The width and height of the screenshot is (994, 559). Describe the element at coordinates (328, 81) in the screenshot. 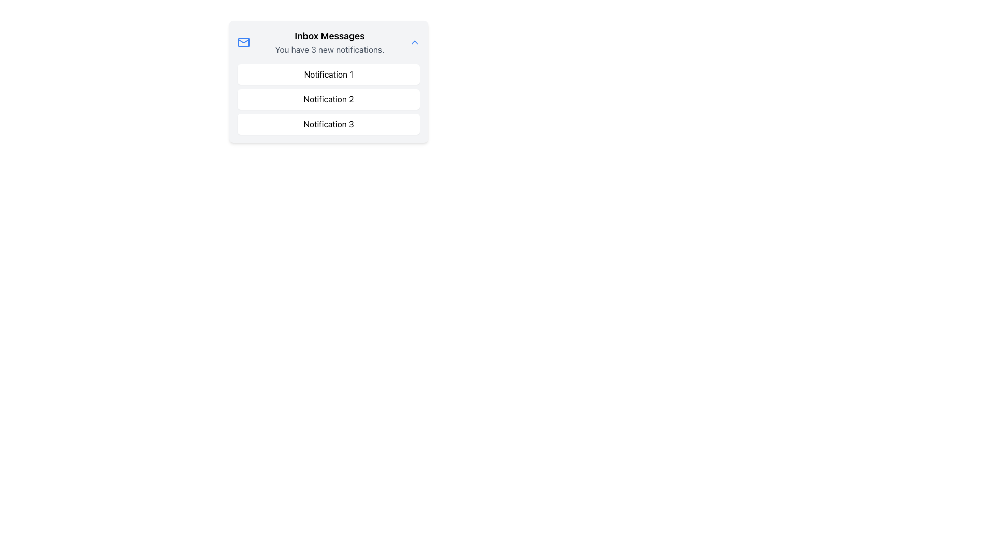

I see `the Notification Panel which displays a summary of notifications including 'Inbox Messages' and individual notification entries` at that location.